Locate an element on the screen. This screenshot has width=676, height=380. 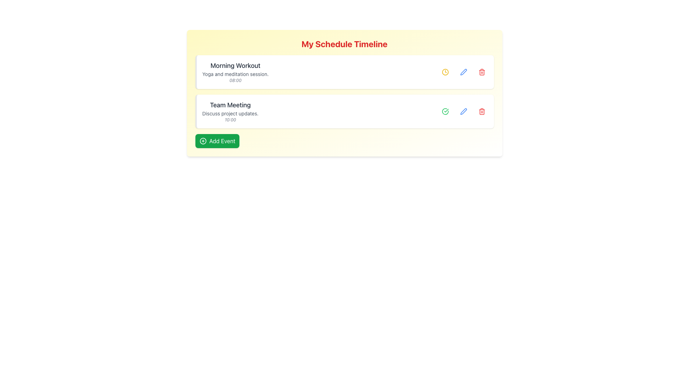
the icon button related to the completion or selection of the 'Team Meeting' schedule item, which is positioned to the left of the edit icon and to the right of the main text content is located at coordinates (445, 111).